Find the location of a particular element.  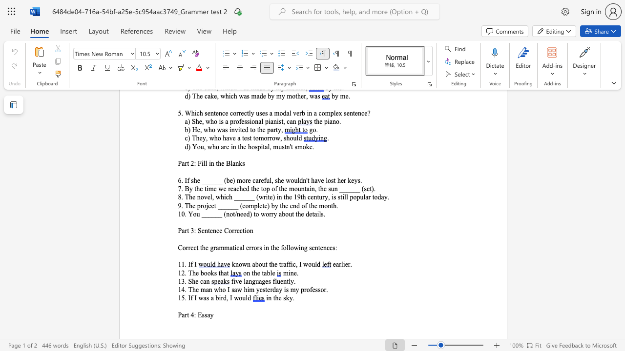

the space between the continuous character "o" and "r" in the text is located at coordinates (323, 289).